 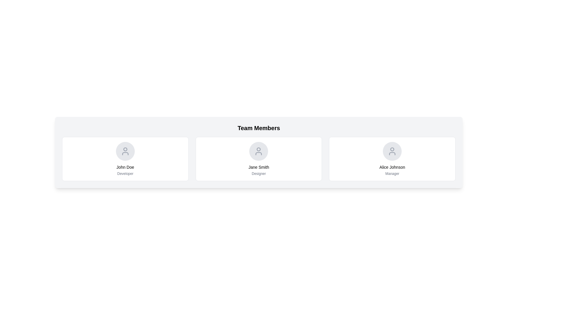 What do you see at coordinates (259, 173) in the screenshot?
I see `the 'Designer' text label, which is a small light gray label located below 'Jane Smith' in the middle column of team member cards` at bounding box center [259, 173].